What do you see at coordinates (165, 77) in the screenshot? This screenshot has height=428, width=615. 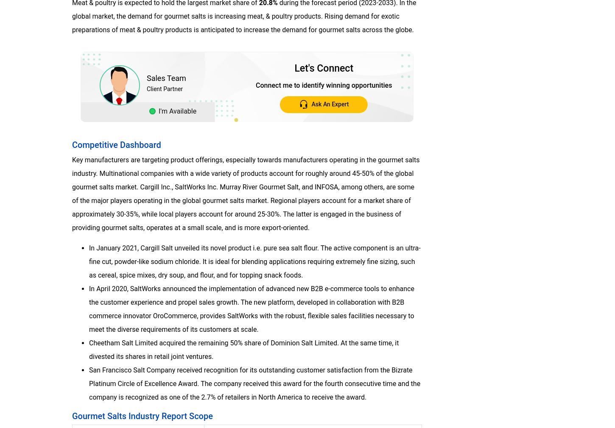 I see `'Sales Team'` at bounding box center [165, 77].